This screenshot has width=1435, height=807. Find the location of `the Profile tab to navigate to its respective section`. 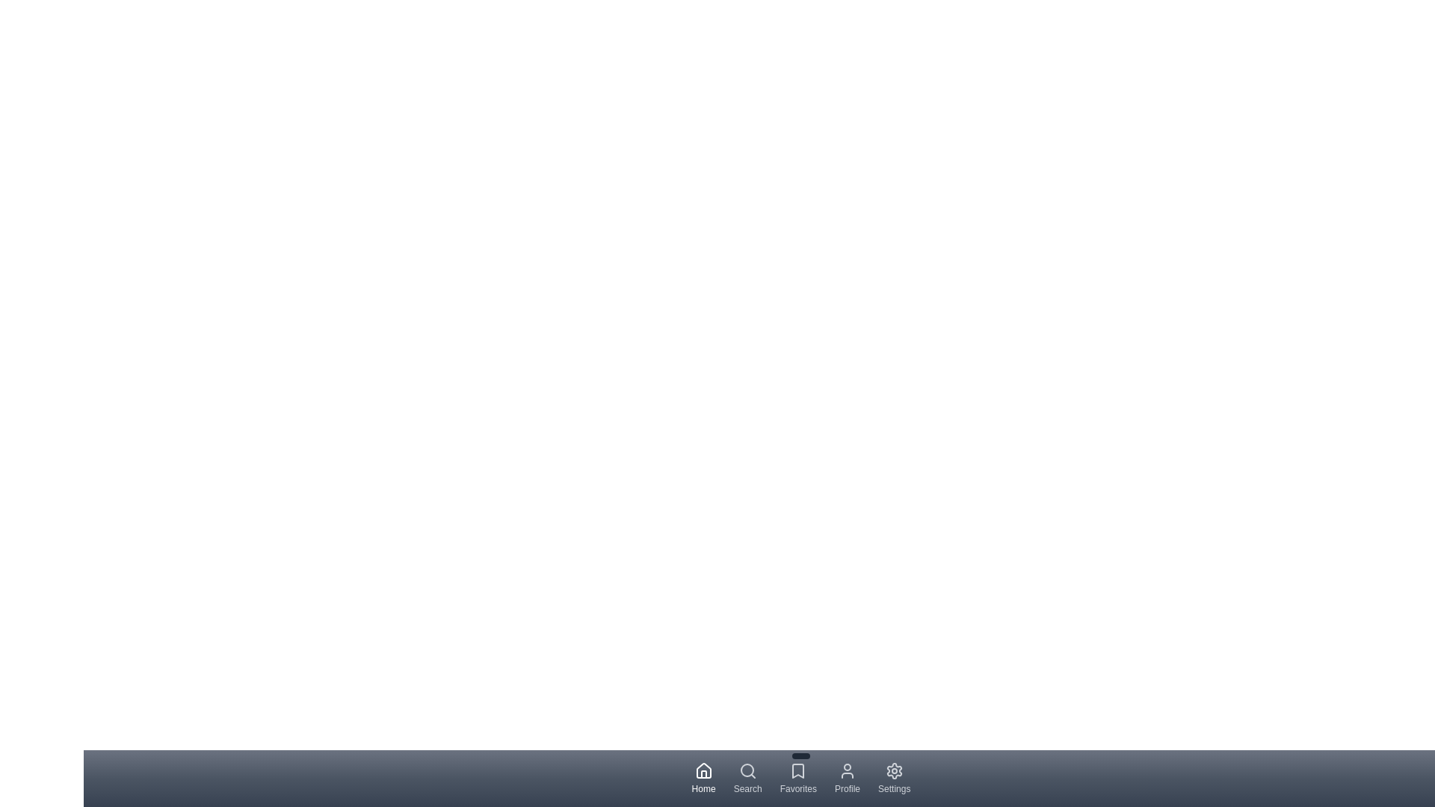

the Profile tab to navigate to its respective section is located at coordinates (847, 777).